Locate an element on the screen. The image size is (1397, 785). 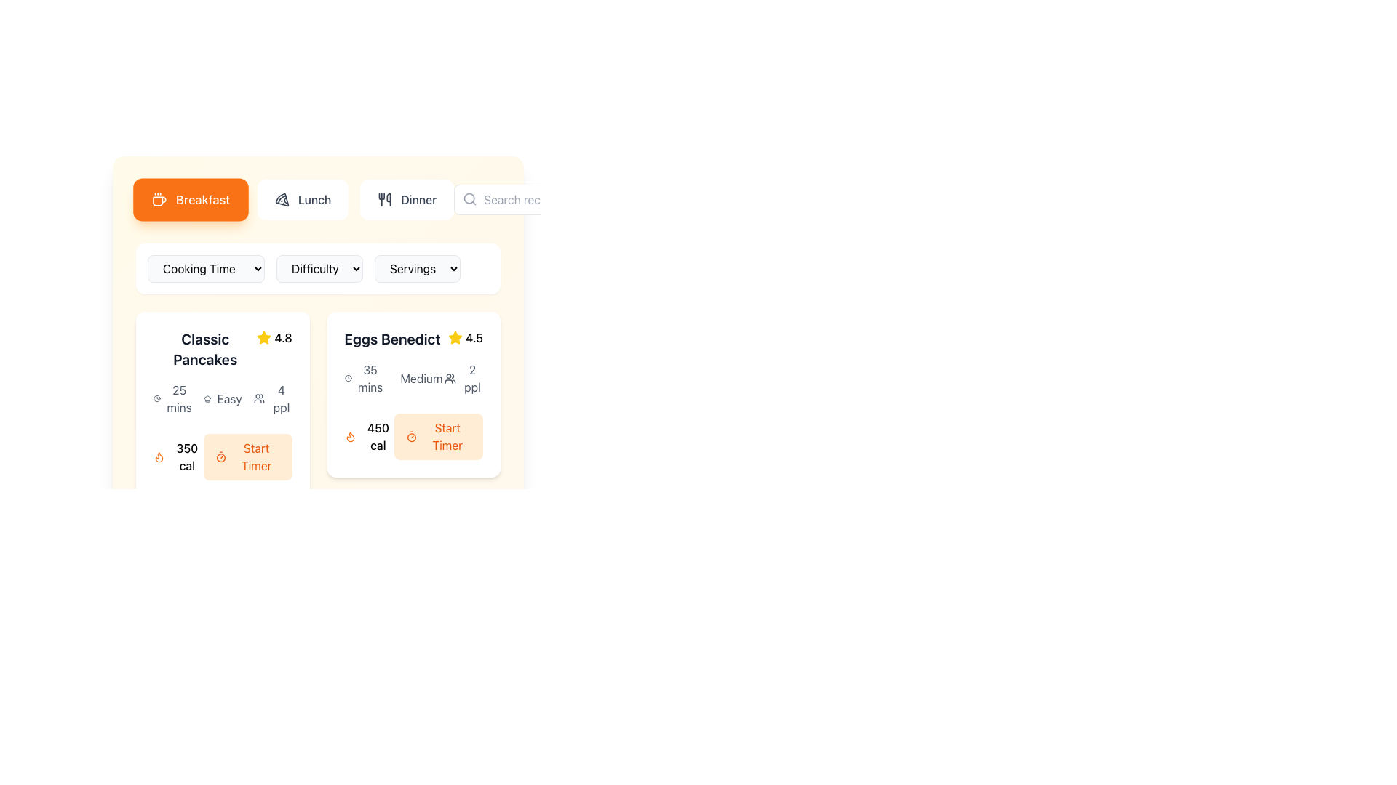
the text element displaying '25 mins' next to the clock icon, located within the card for the Classic Pancakes recipe is located at coordinates (172, 398).